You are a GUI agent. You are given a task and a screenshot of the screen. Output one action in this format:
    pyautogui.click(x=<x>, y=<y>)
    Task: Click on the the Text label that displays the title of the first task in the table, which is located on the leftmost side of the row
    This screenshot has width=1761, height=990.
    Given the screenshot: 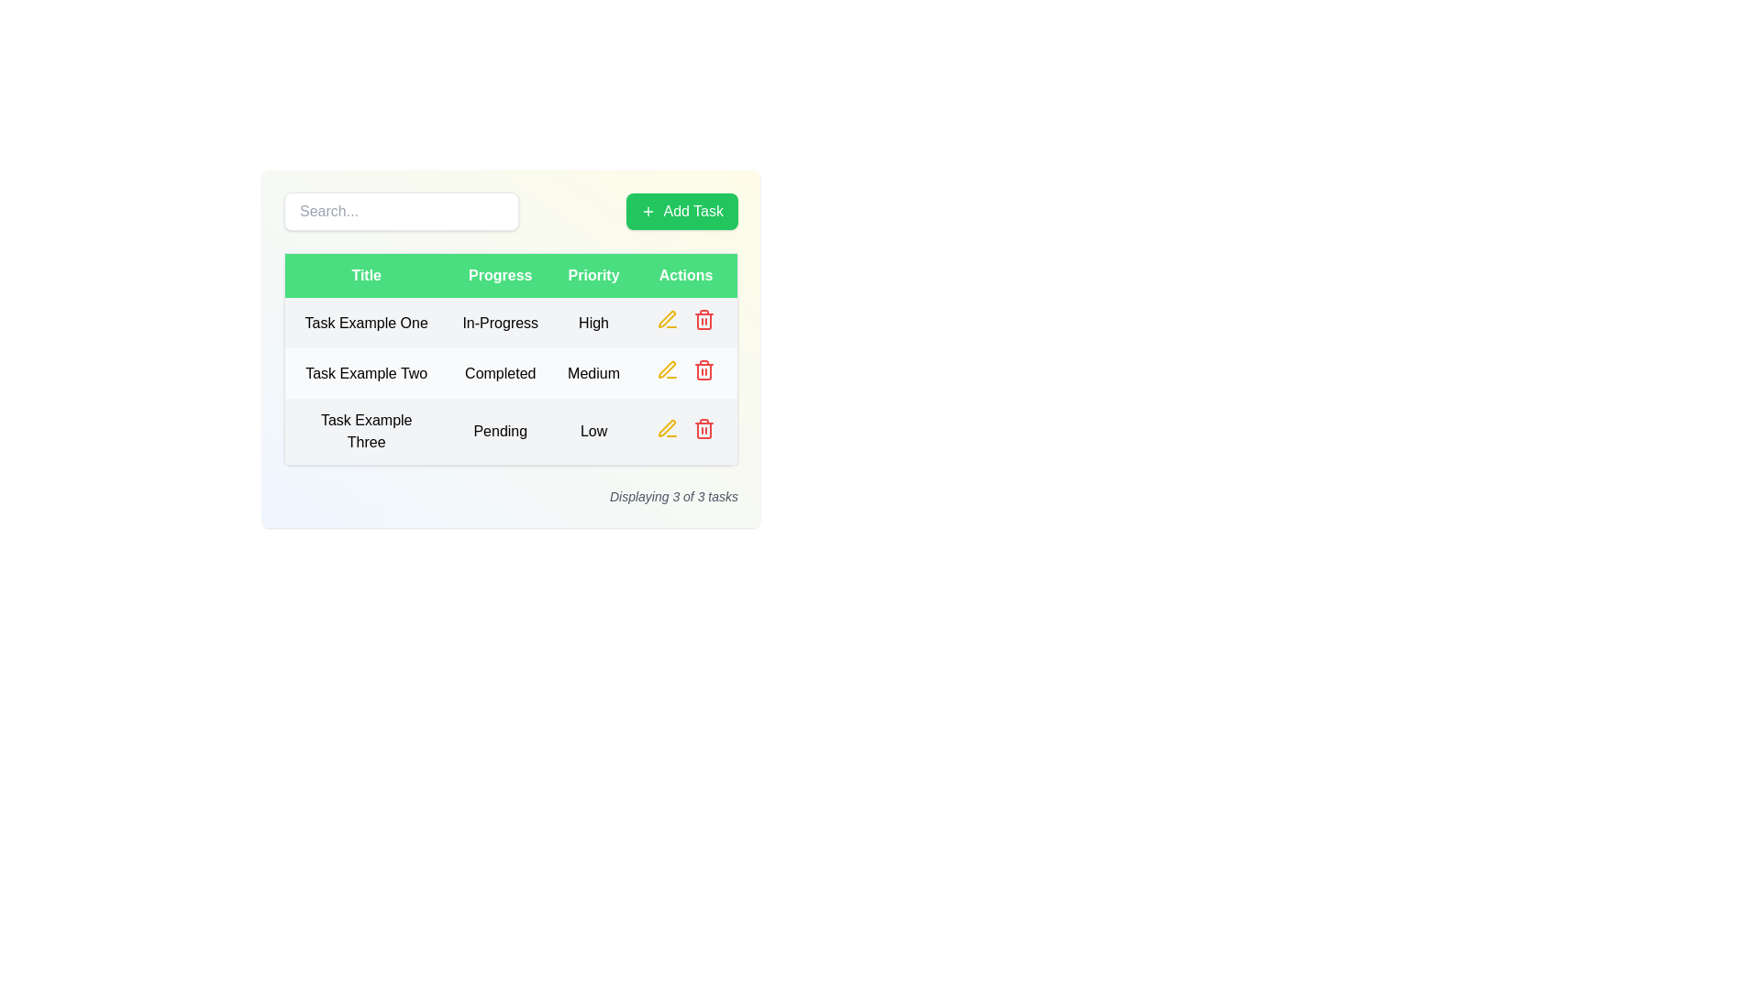 What is the action you would take?
    pyautogui.click(x=366, y=322)
    